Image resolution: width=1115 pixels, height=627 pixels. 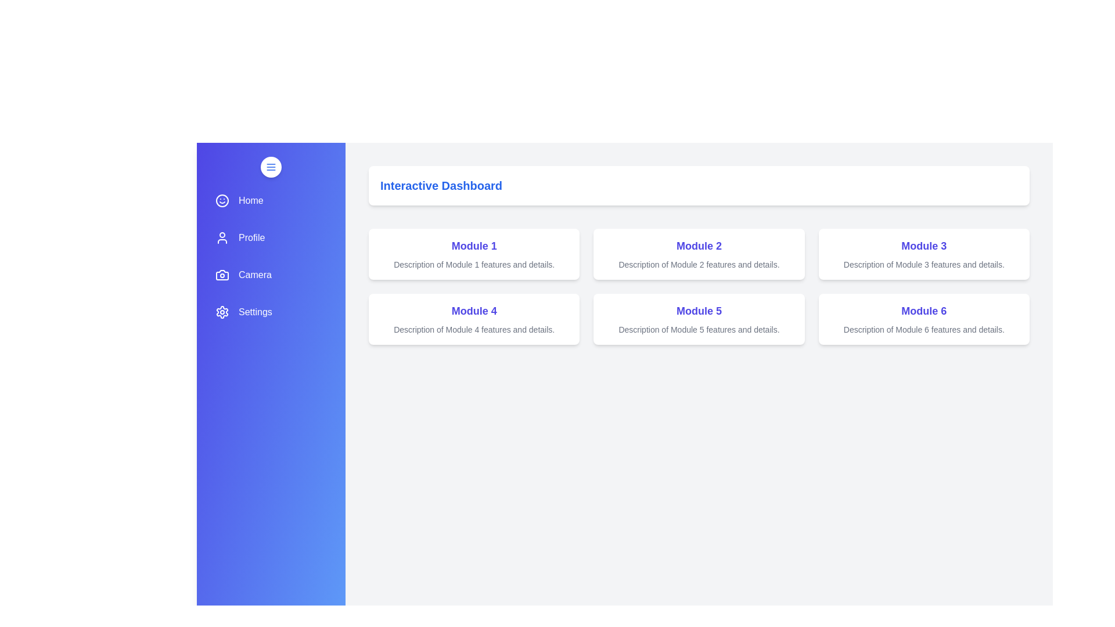 I want to click on the 'Camera' menu icon located to the left of the text label 'Camera' in the sidebar list, so click(x=222, y=275).